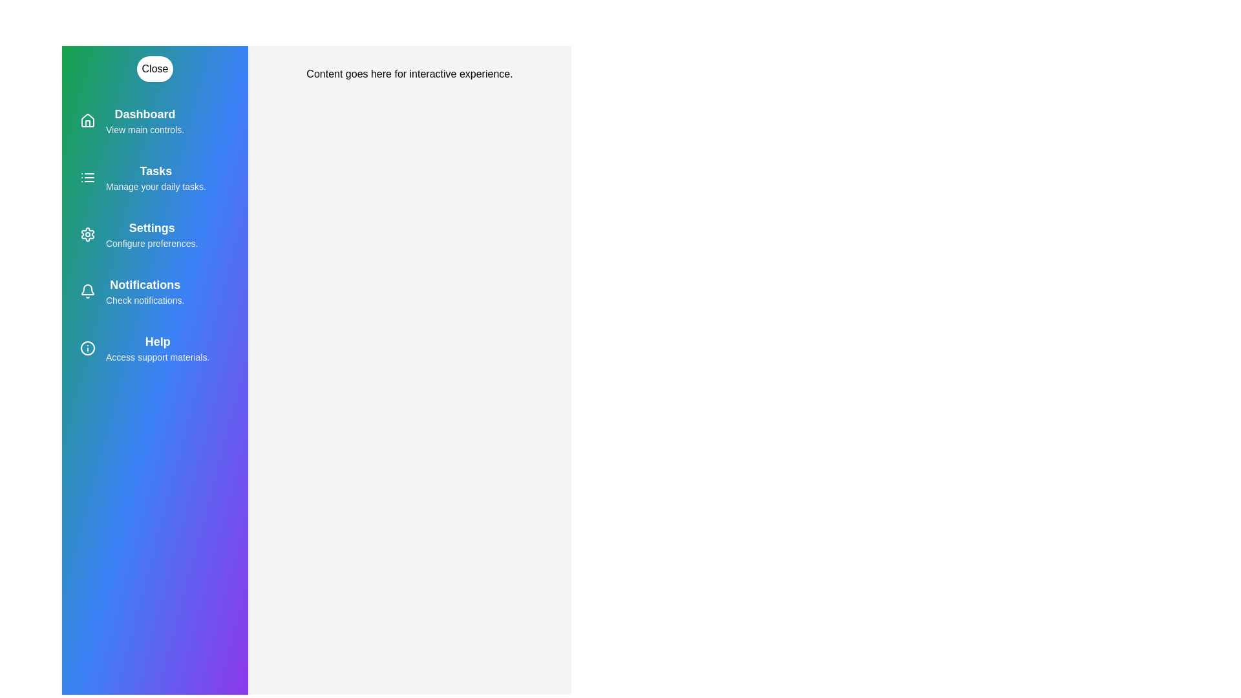  Describe the element at coordinates (408, 394) in the screenshot. I see `the main content area to read its text` at that location.